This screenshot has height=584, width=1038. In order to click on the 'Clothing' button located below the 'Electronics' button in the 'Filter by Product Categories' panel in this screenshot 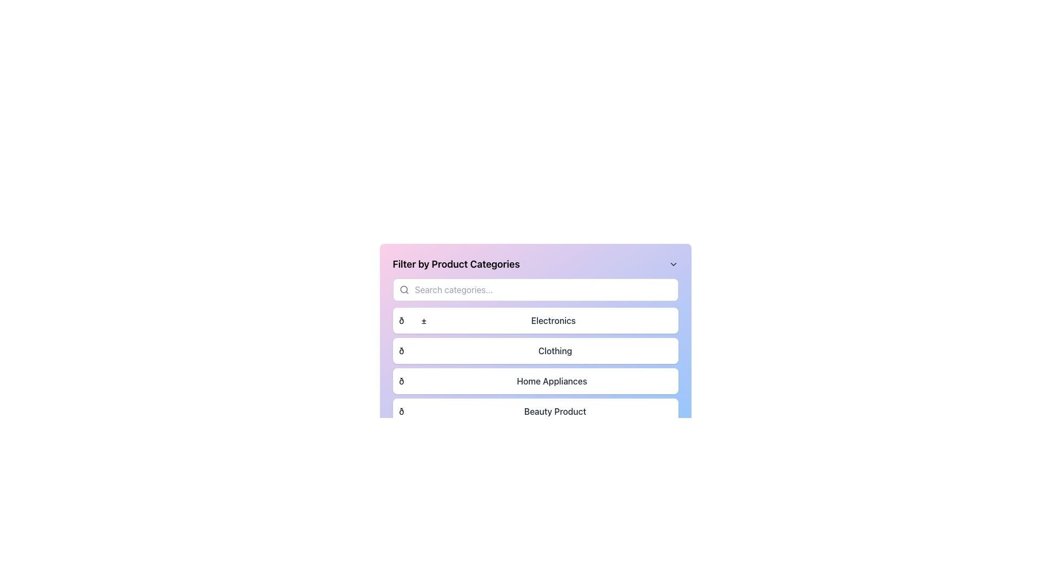, I will do `click(535, 340)`.